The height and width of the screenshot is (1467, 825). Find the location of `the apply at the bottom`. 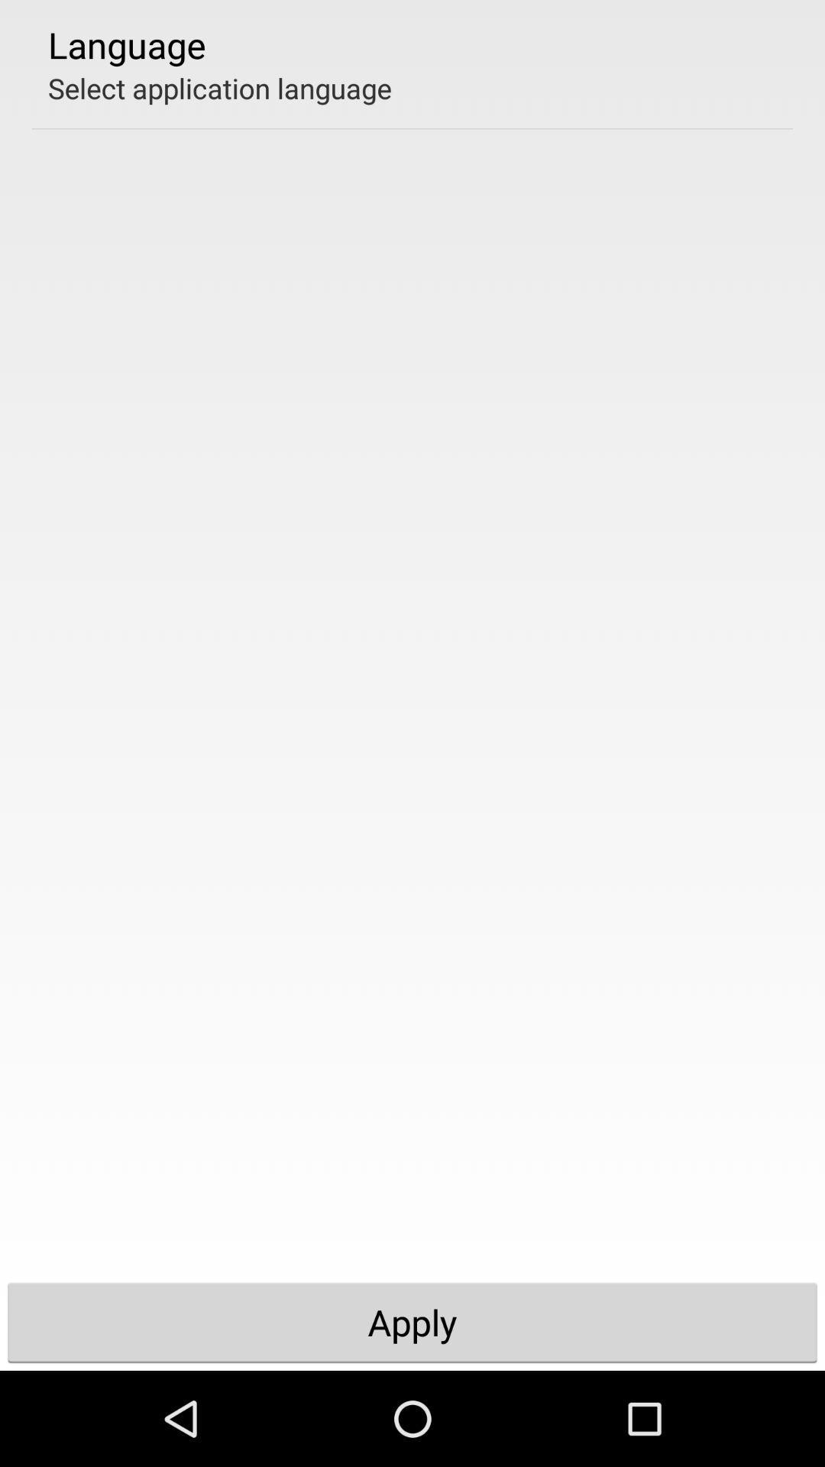

the apply at the bottom is located at coordinates (412, 1322).